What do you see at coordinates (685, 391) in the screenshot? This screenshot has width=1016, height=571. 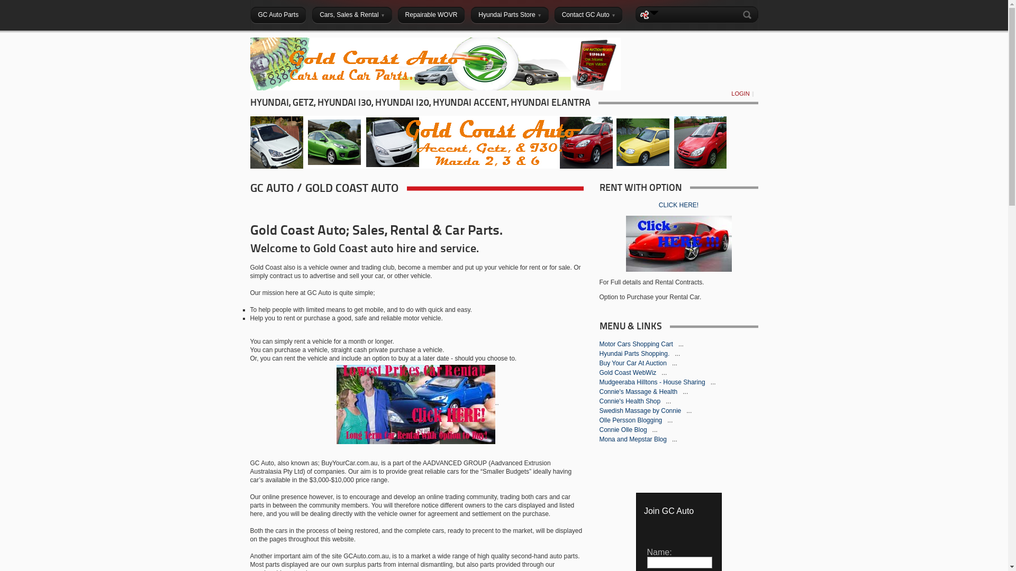 I see `'...'` at bounding box center [685, 391].